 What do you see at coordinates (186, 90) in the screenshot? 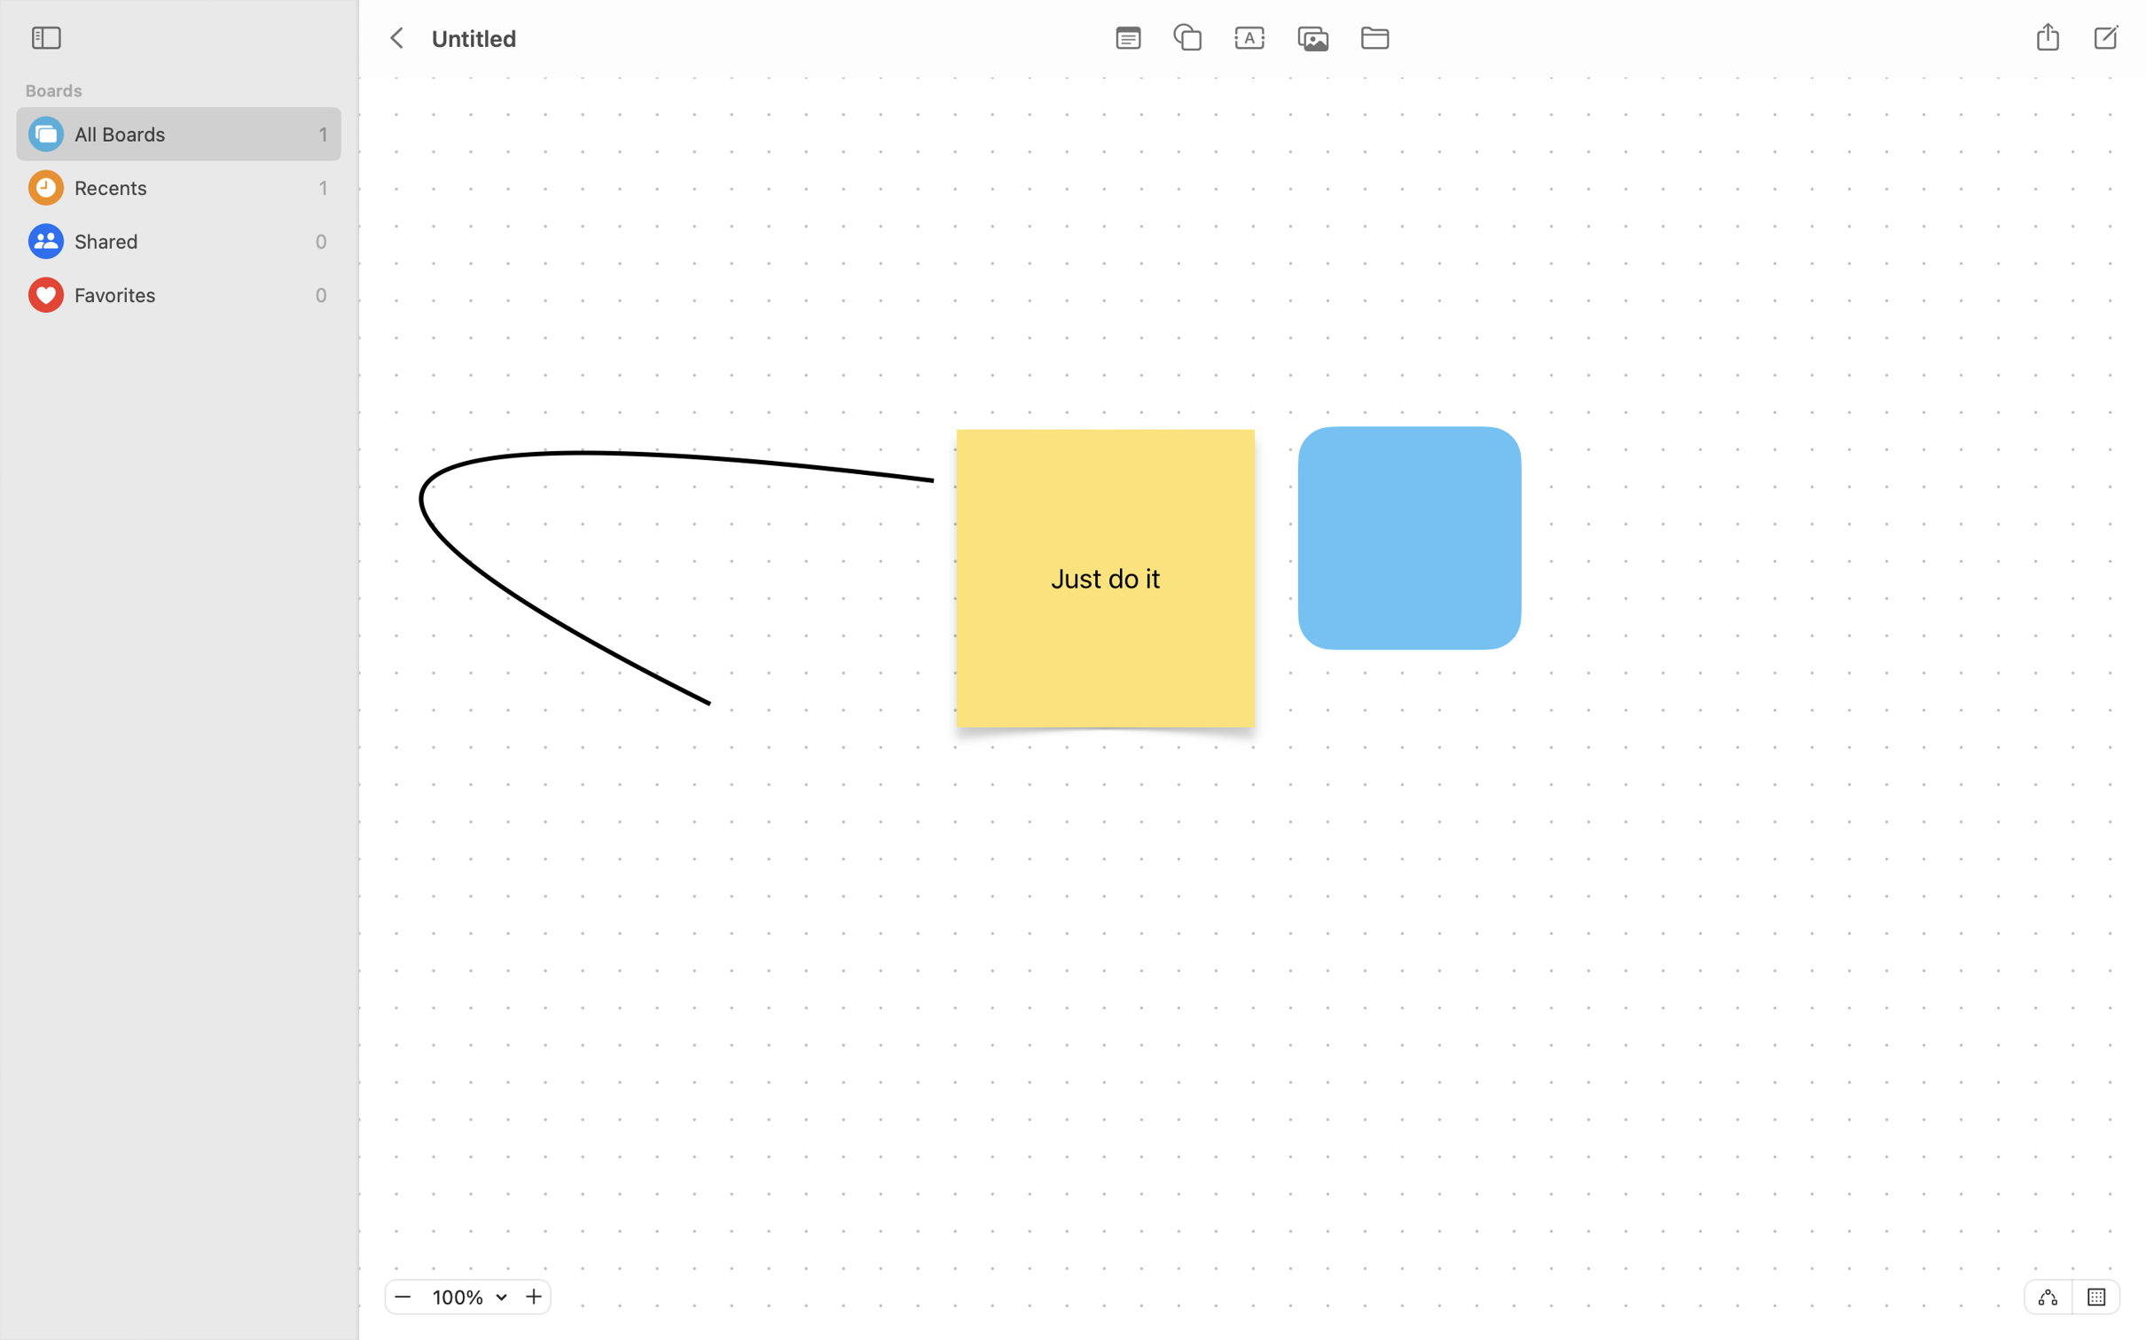
I see `'Boards'` at bounding box center [186, 90].